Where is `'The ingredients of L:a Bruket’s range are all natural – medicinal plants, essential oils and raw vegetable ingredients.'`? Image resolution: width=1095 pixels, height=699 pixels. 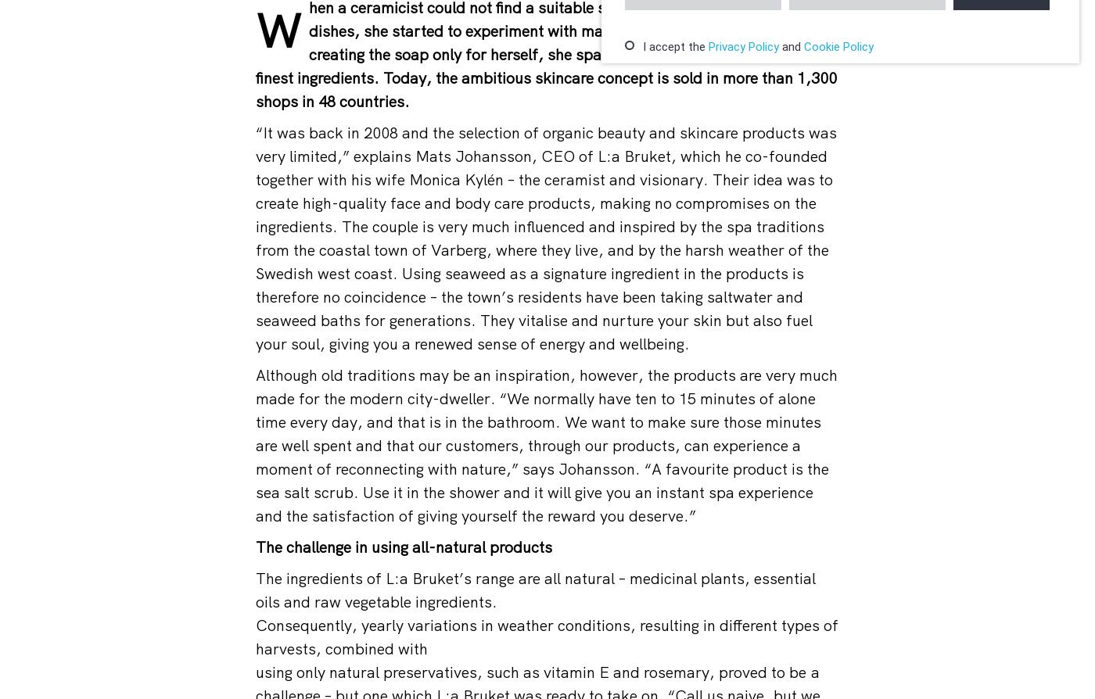
'The ingredients of L:a Bruket’s range are all natural – medicinal plants, essential oils and raw vegetable ingredients.' is located at coordinates (255, 589).